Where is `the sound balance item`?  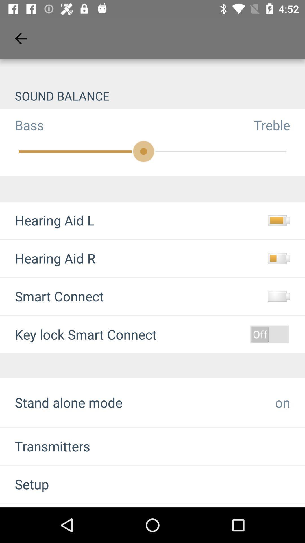
the sound balance item is located at coordinates (152, 96).